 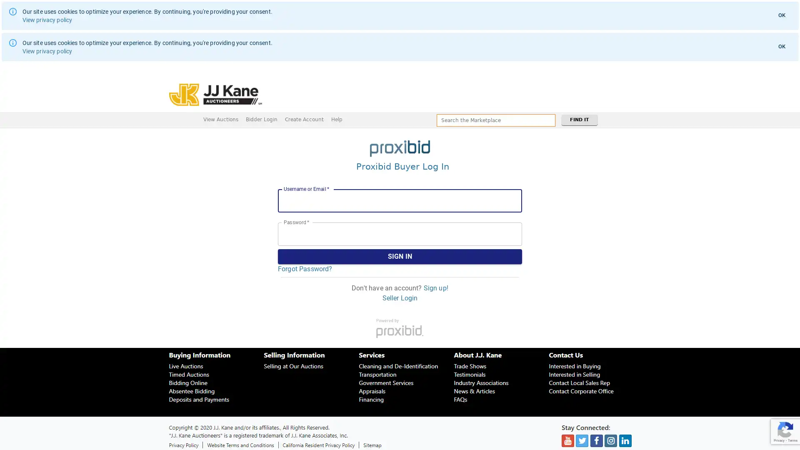 I want to click on OK, so click(x=781, y=15).